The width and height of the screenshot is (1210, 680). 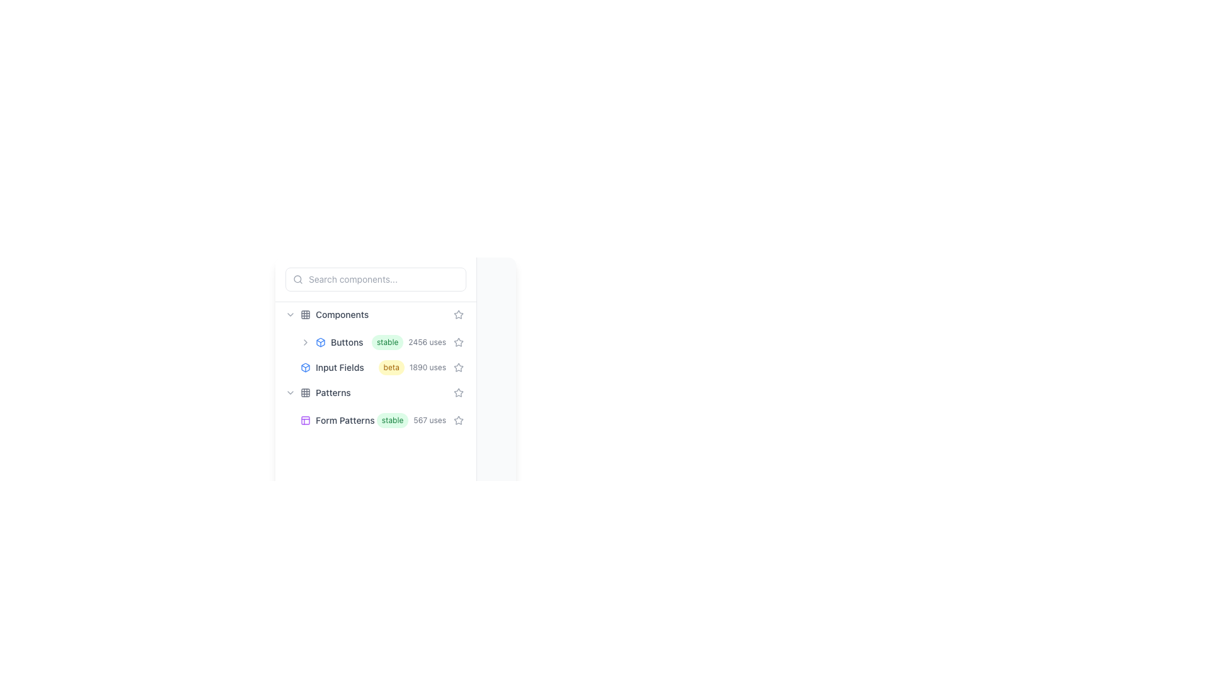 I want to click on the star icon located in the right corner of the row labeled 'Form Patterns stable 567 uses', so click(x=458, y=392).